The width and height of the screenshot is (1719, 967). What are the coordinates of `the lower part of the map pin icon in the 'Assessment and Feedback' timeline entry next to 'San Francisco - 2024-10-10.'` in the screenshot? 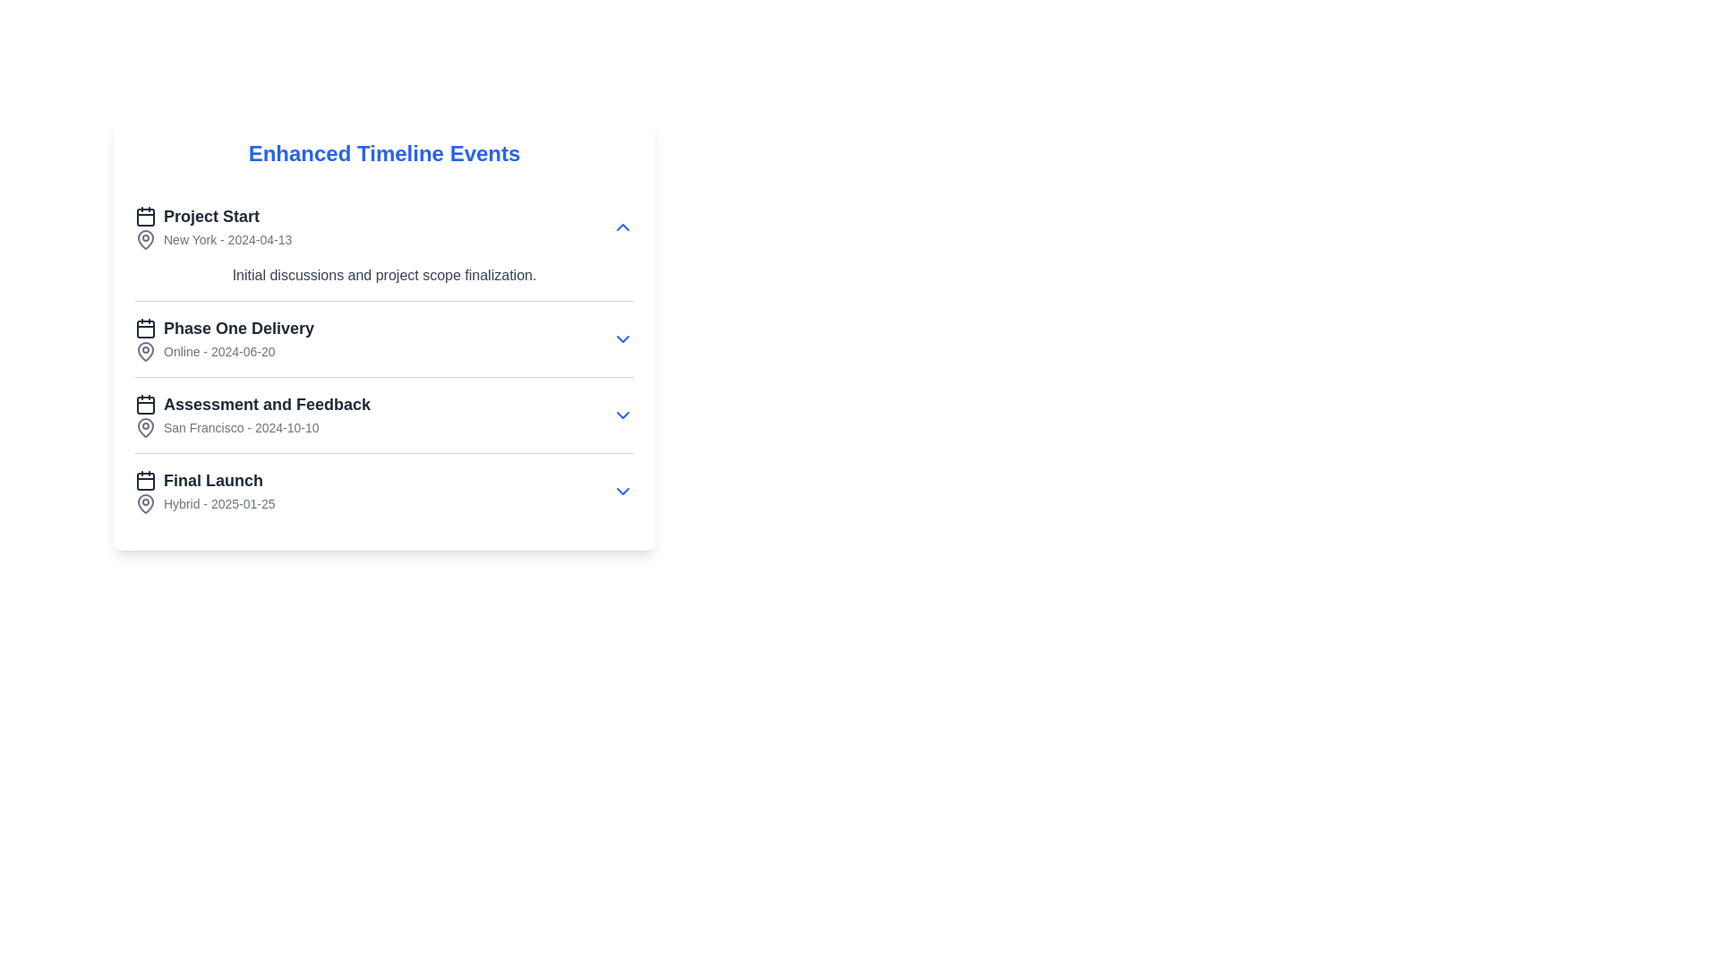 It's located at (146, 427).